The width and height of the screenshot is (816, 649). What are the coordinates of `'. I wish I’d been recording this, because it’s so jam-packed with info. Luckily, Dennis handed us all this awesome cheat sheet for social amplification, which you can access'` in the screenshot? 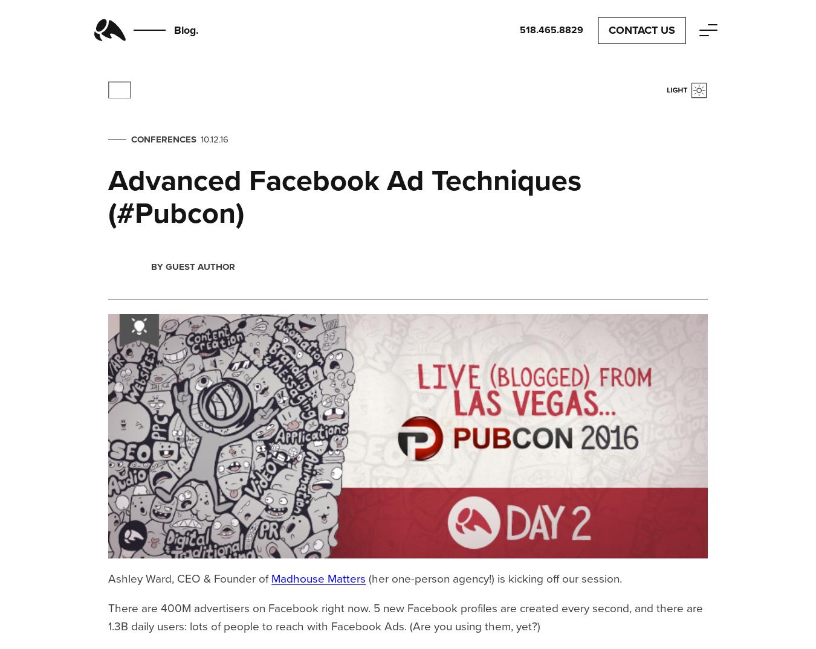 It's located at (404, 261).